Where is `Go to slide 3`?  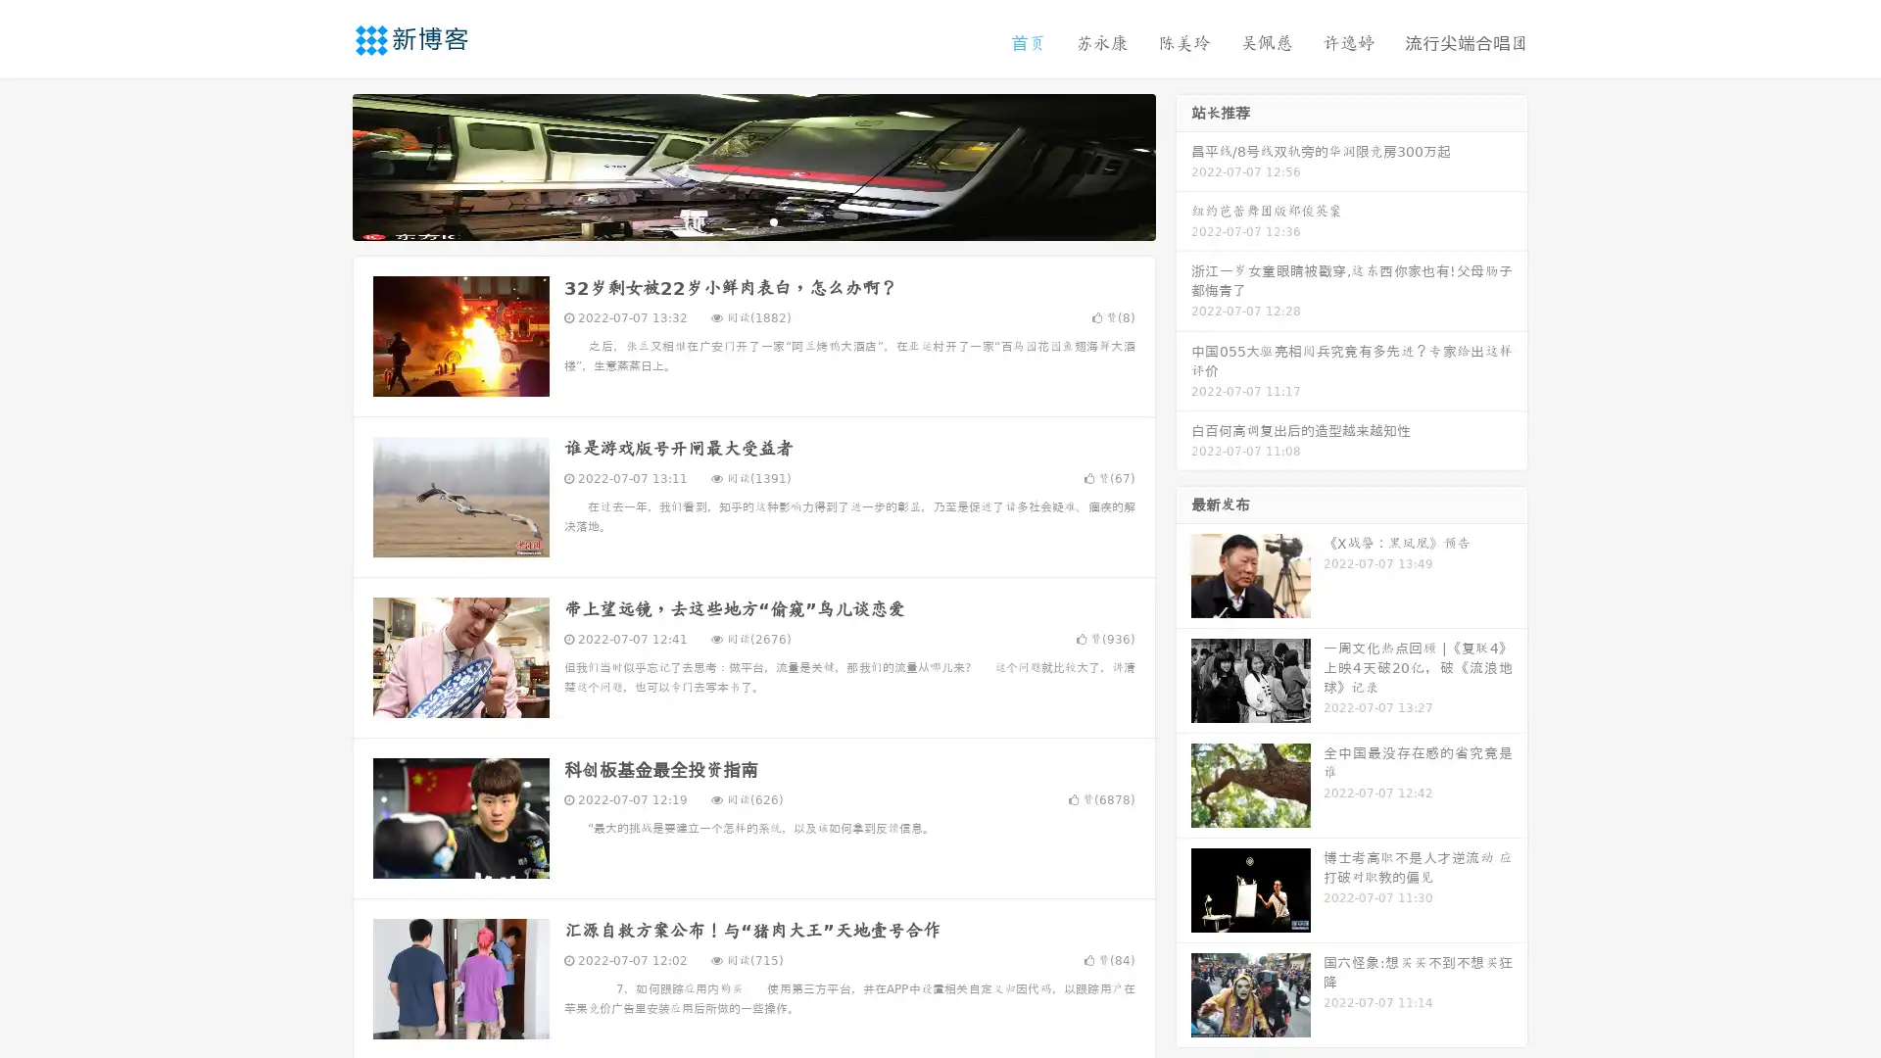 Go to slide 3 is located at coordinates (773, 220).